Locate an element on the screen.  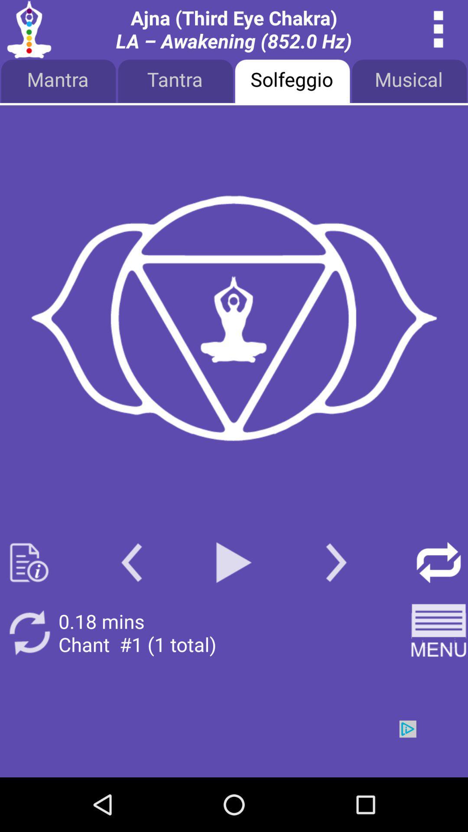
advertisement page is located at coordinates (234, 748).